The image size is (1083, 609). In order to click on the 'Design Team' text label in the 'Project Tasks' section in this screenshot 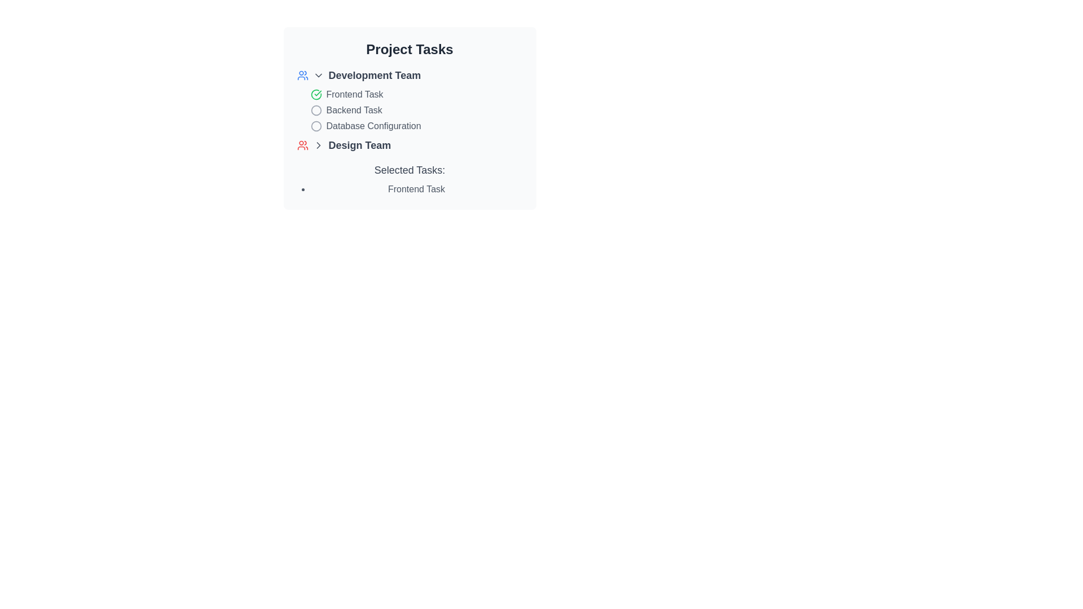, I will do `click(359, 145)`.